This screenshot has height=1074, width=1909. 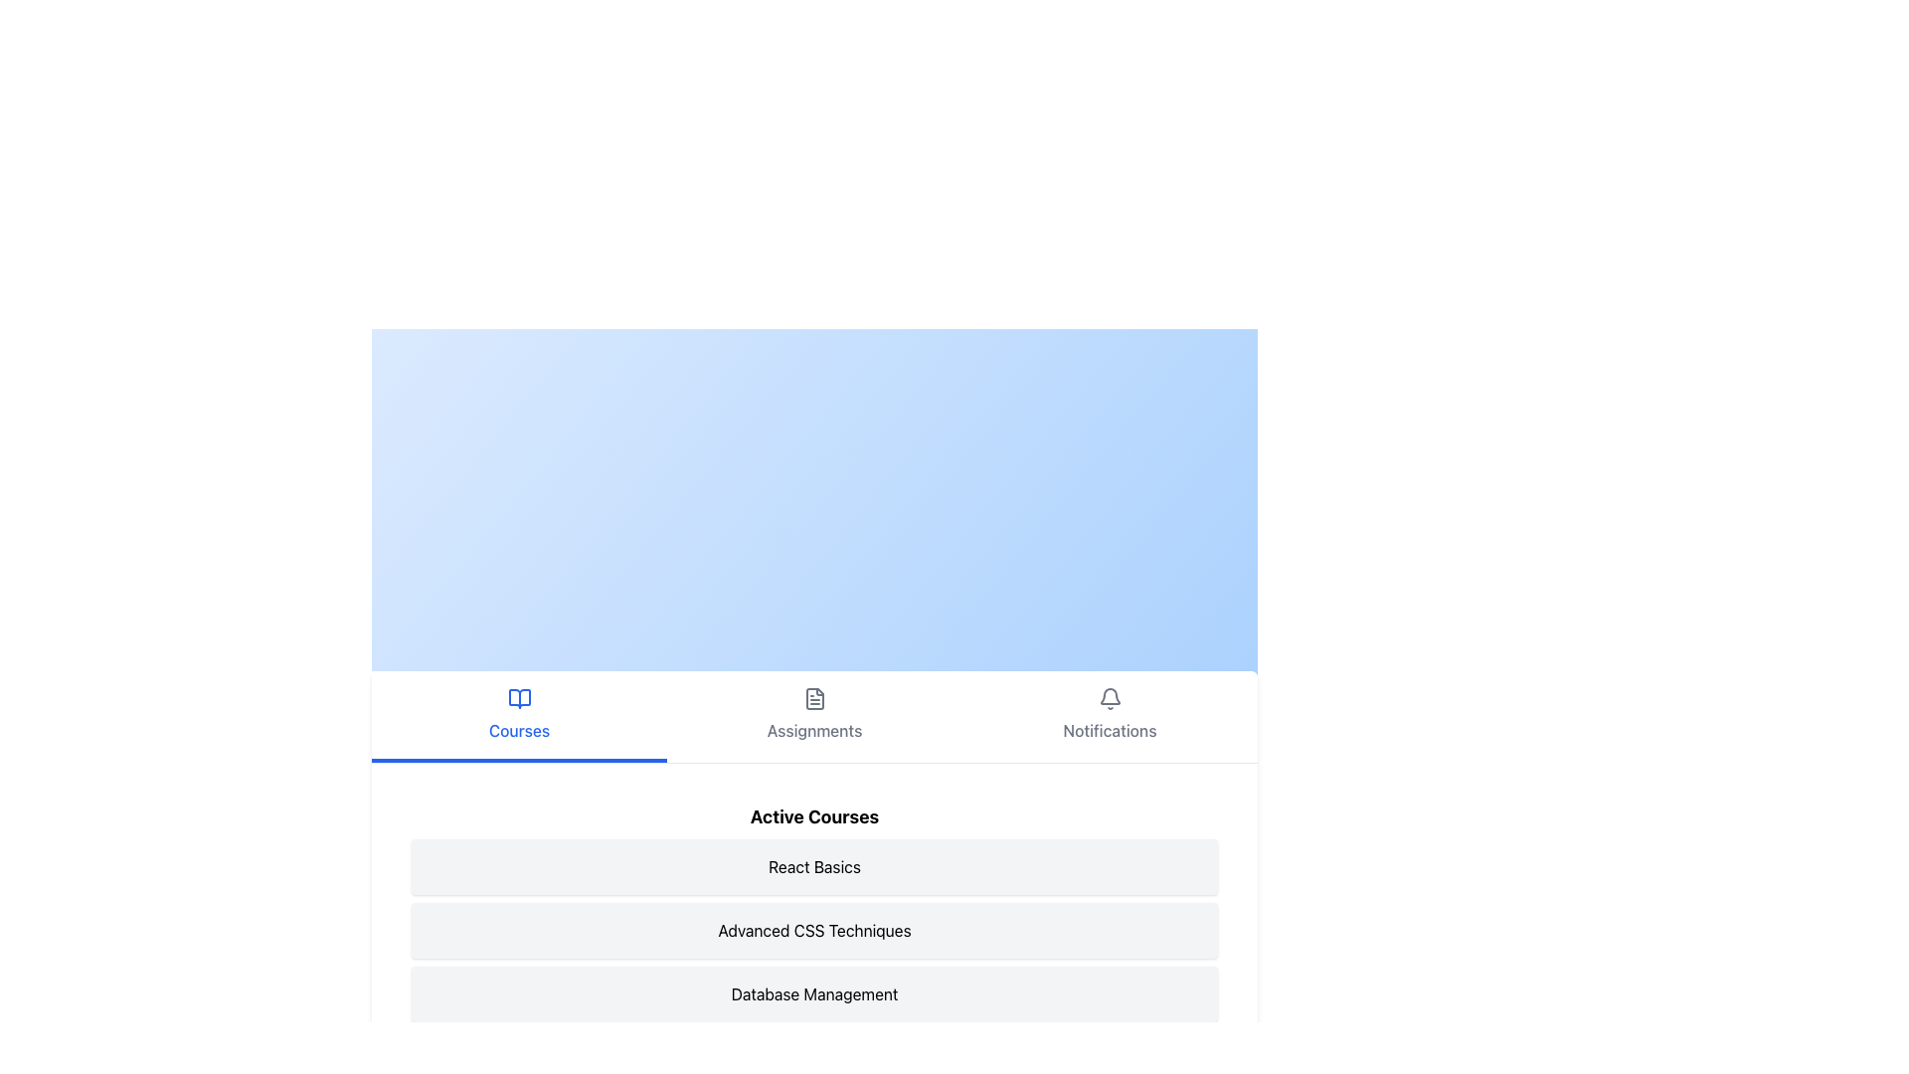 I want to click on the 'Courses' navigation icon located in the bottom navigation bar of the application, so click(x=519, y=697).